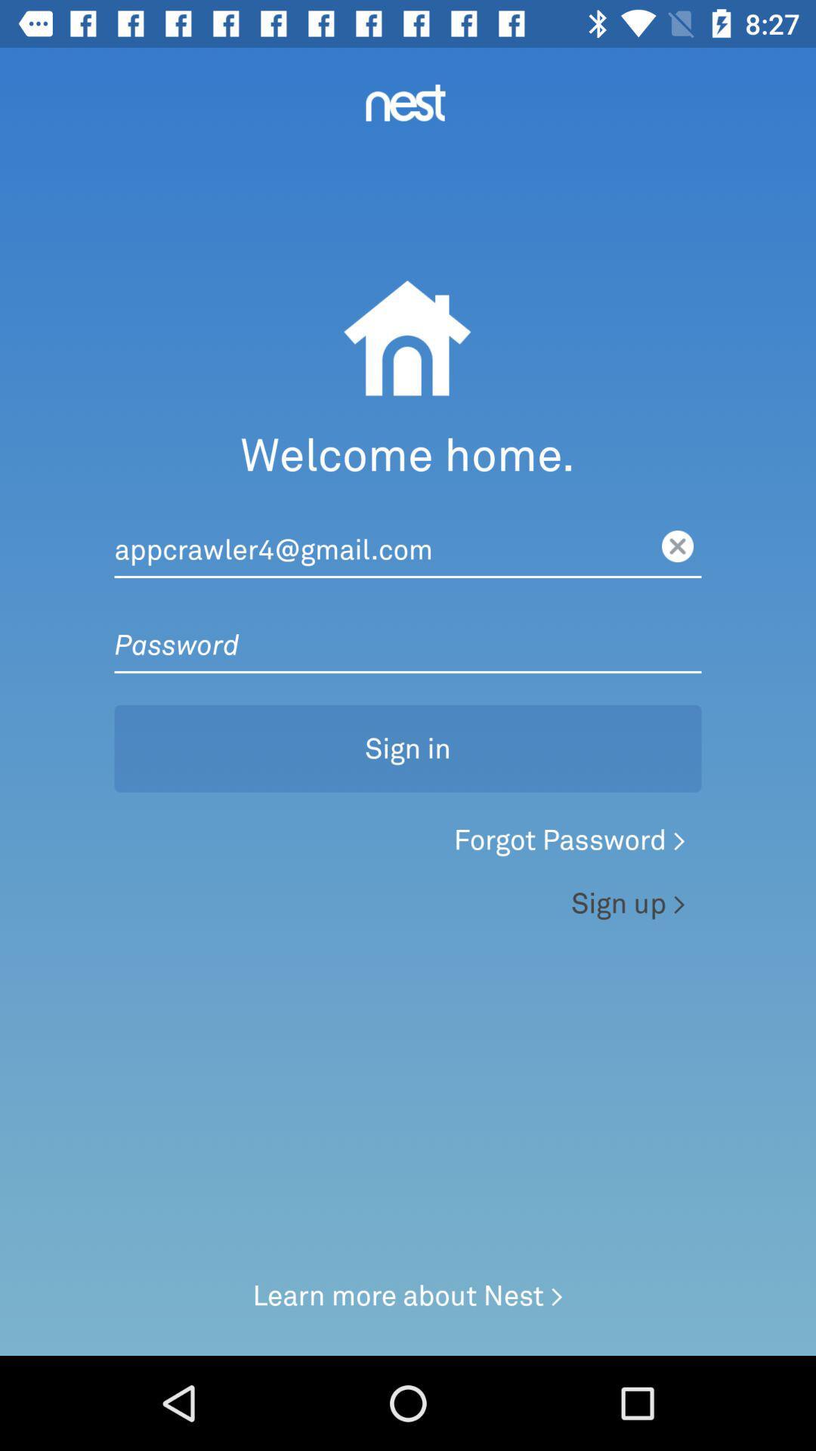 Image resolution: width=816 pixels, height=1451 pixels. What do you see at coordinates (408, 534) in the screenshot?
I see `the button below welcome home` at bounding box center [408, 534].